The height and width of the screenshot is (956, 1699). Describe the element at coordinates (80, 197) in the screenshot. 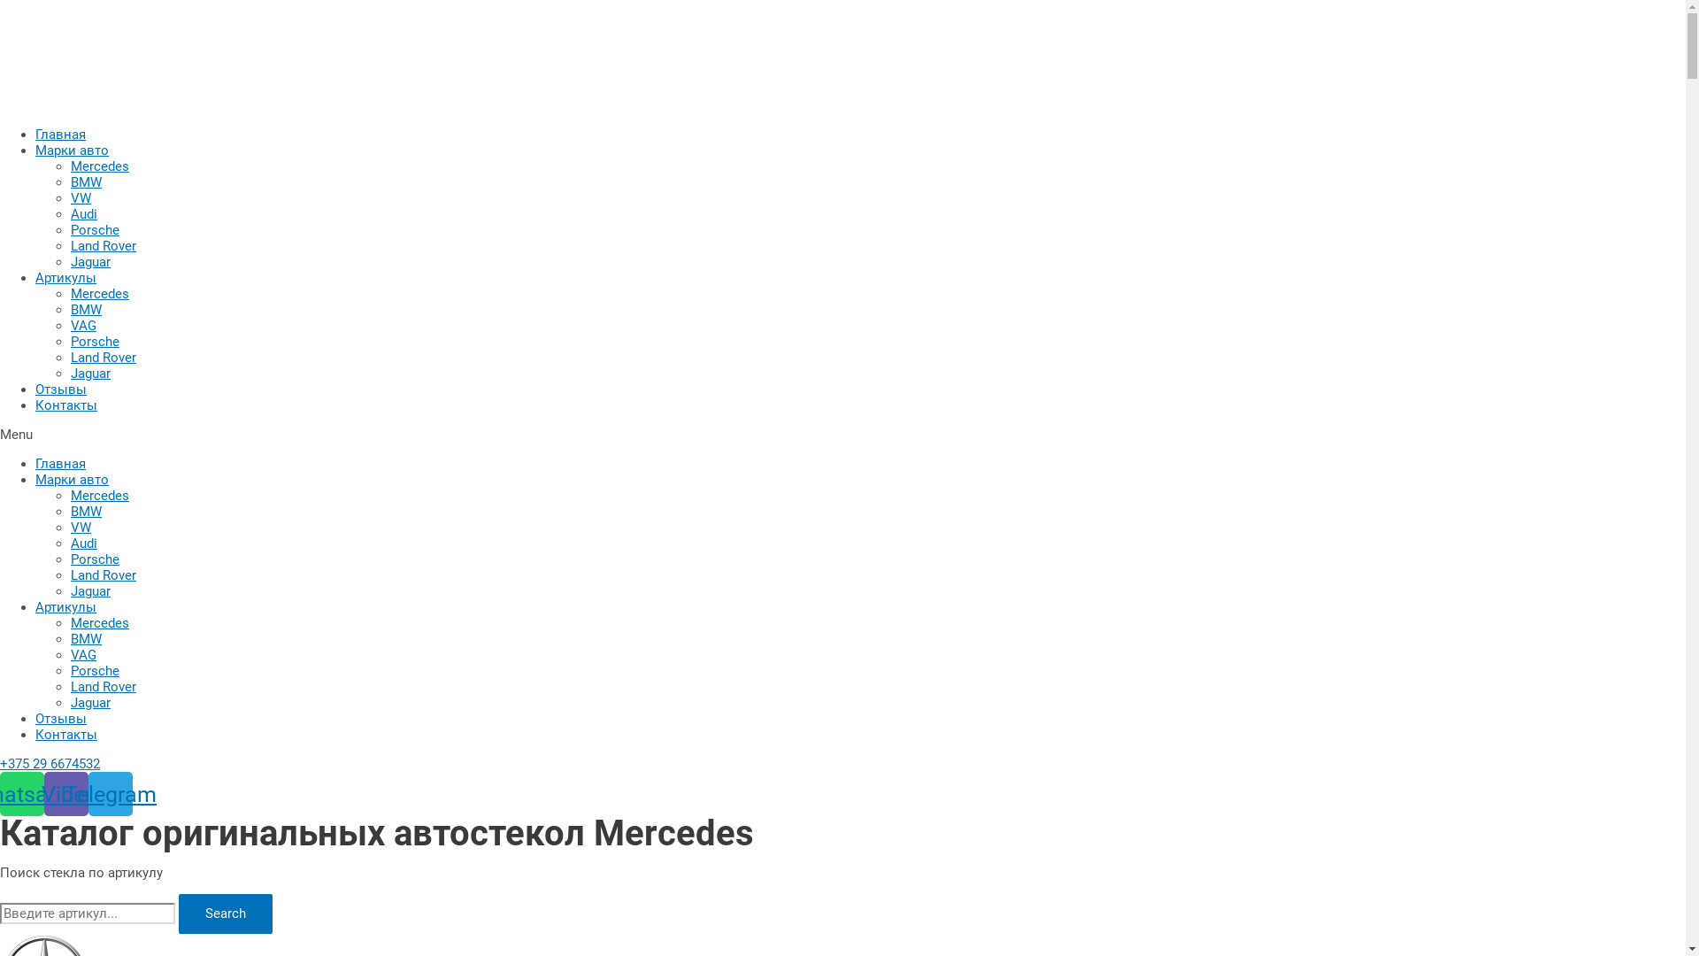

I see `'VW'` at that location.